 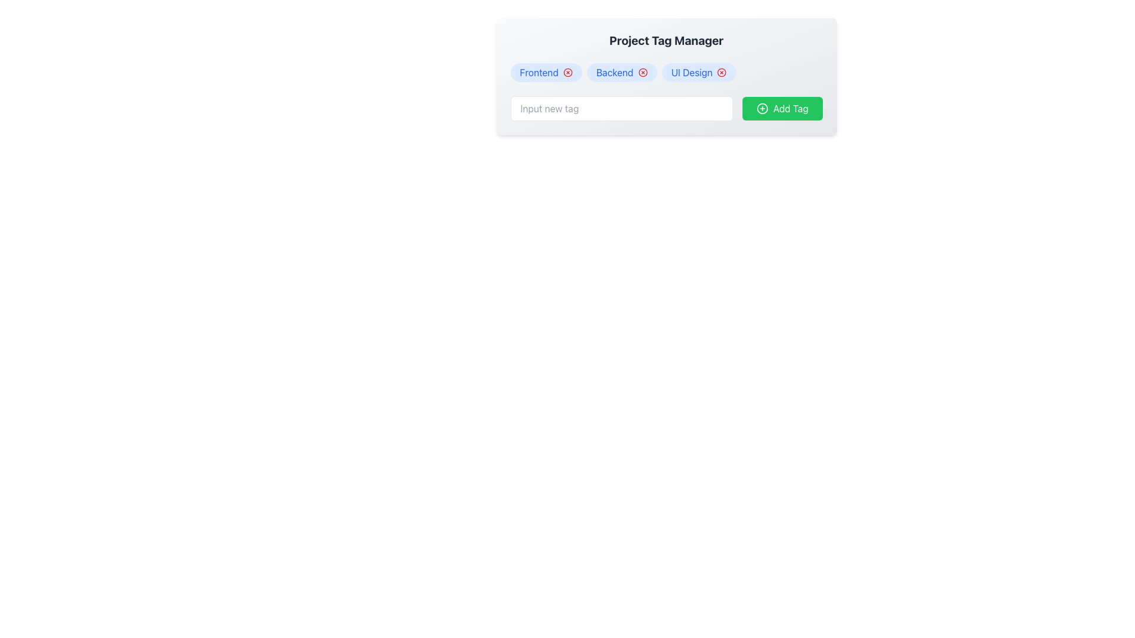 I want to click on the 'Add Tag' icon, which is part of the circular green button labeled 'Add Tag' located at the far right of the horizontal bar under the header 'Project Tag Manager', so click(x=763, y=109).